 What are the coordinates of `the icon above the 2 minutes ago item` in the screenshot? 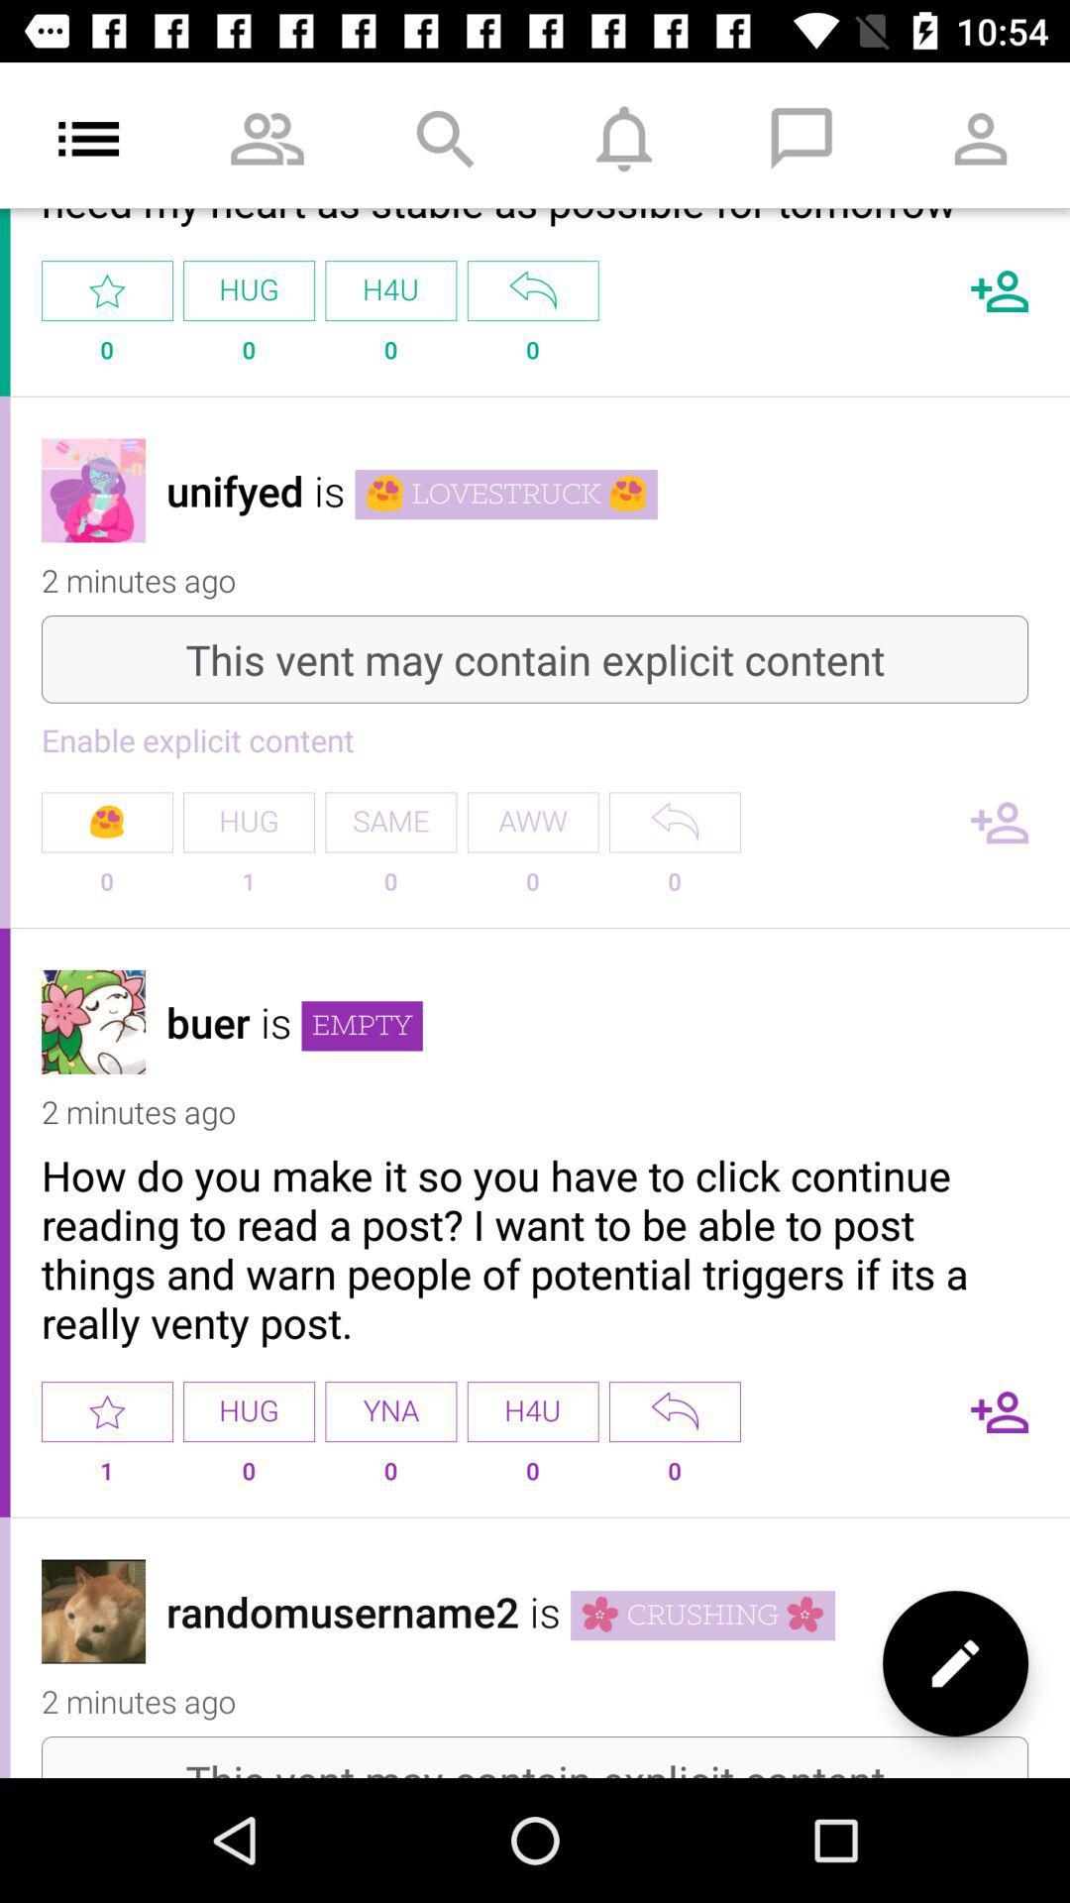 It's located at (234, 490).